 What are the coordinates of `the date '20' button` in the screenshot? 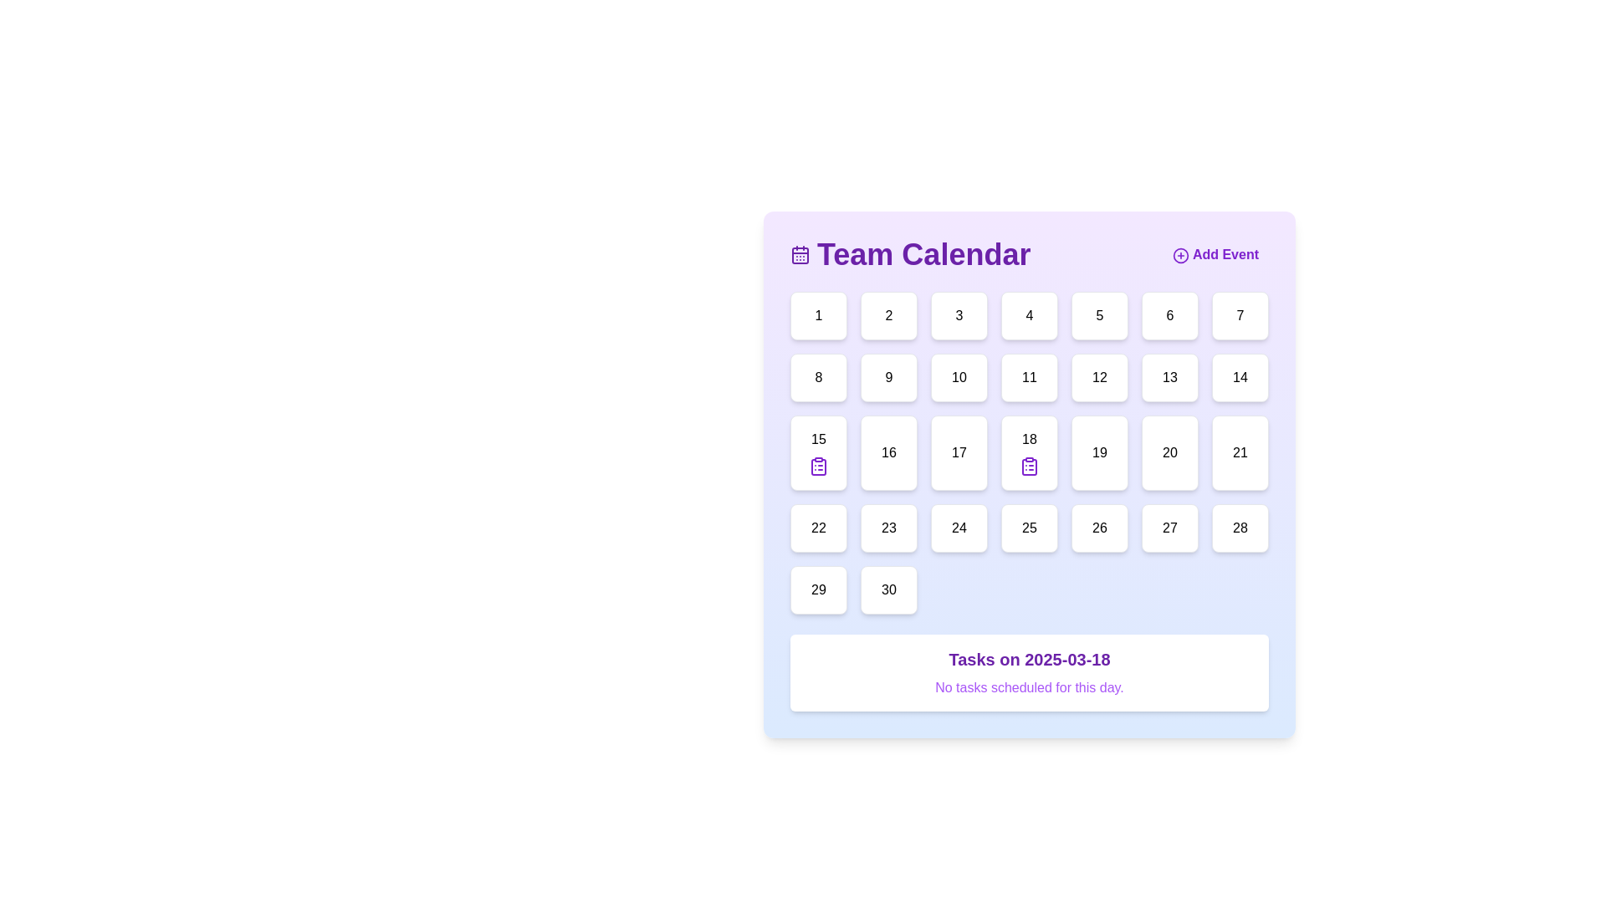 It's located at (1169, 453).